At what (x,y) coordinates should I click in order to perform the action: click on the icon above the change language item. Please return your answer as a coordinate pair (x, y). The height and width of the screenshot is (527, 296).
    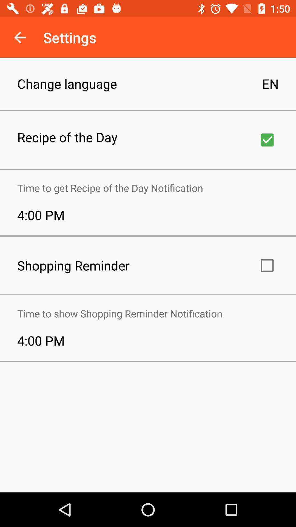
    Looking at the image, I should click on (20, 37).